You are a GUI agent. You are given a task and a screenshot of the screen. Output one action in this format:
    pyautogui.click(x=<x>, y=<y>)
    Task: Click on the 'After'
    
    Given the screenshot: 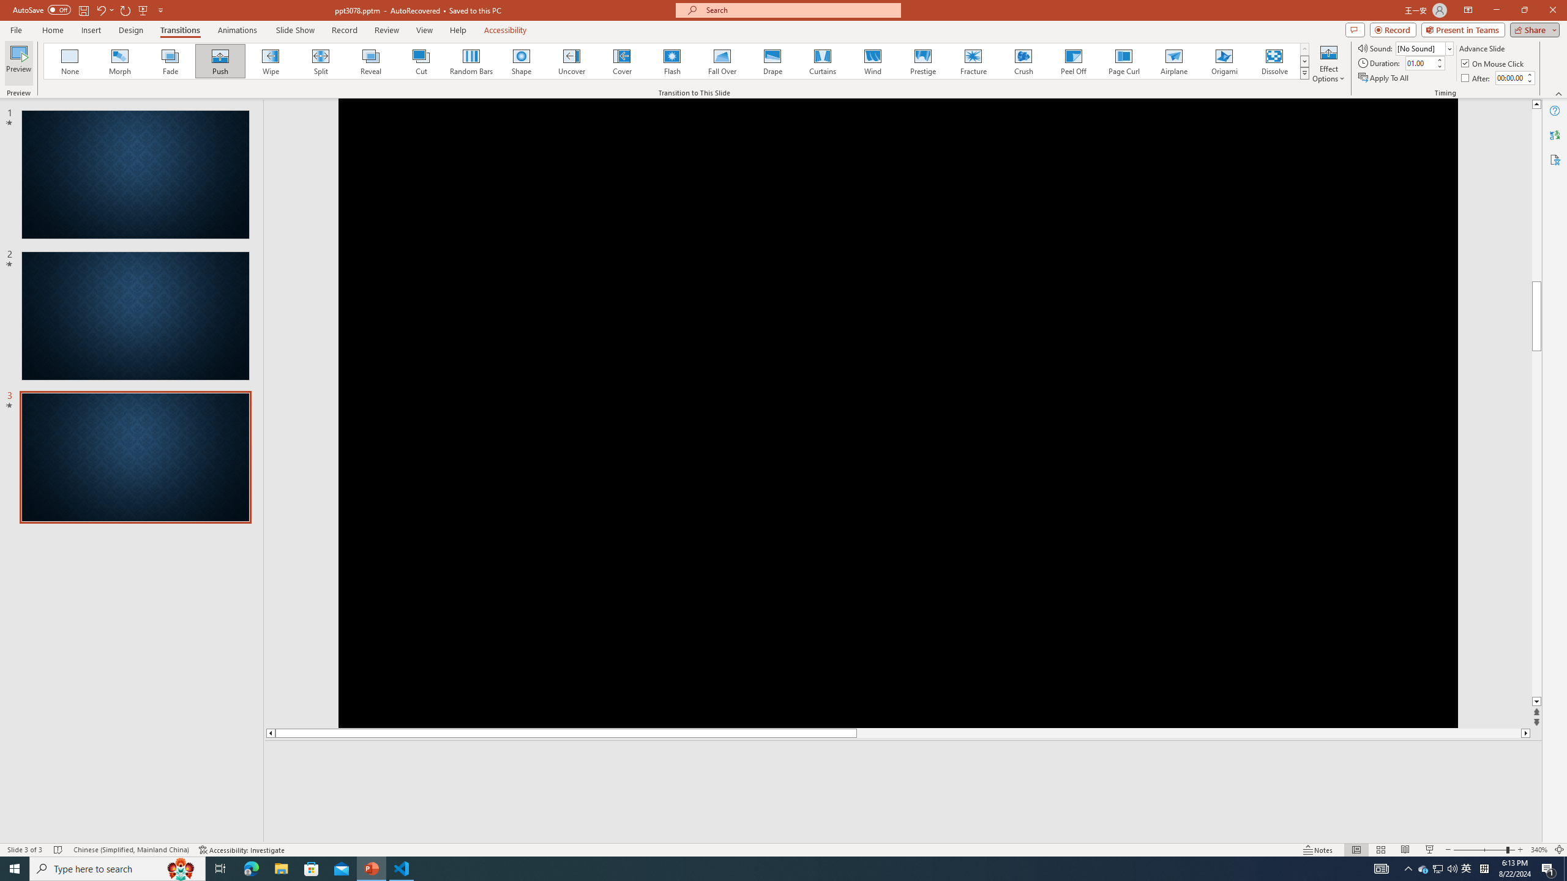 What is the action you would take?
    pyautogui.click(x=1476, y=78)
    